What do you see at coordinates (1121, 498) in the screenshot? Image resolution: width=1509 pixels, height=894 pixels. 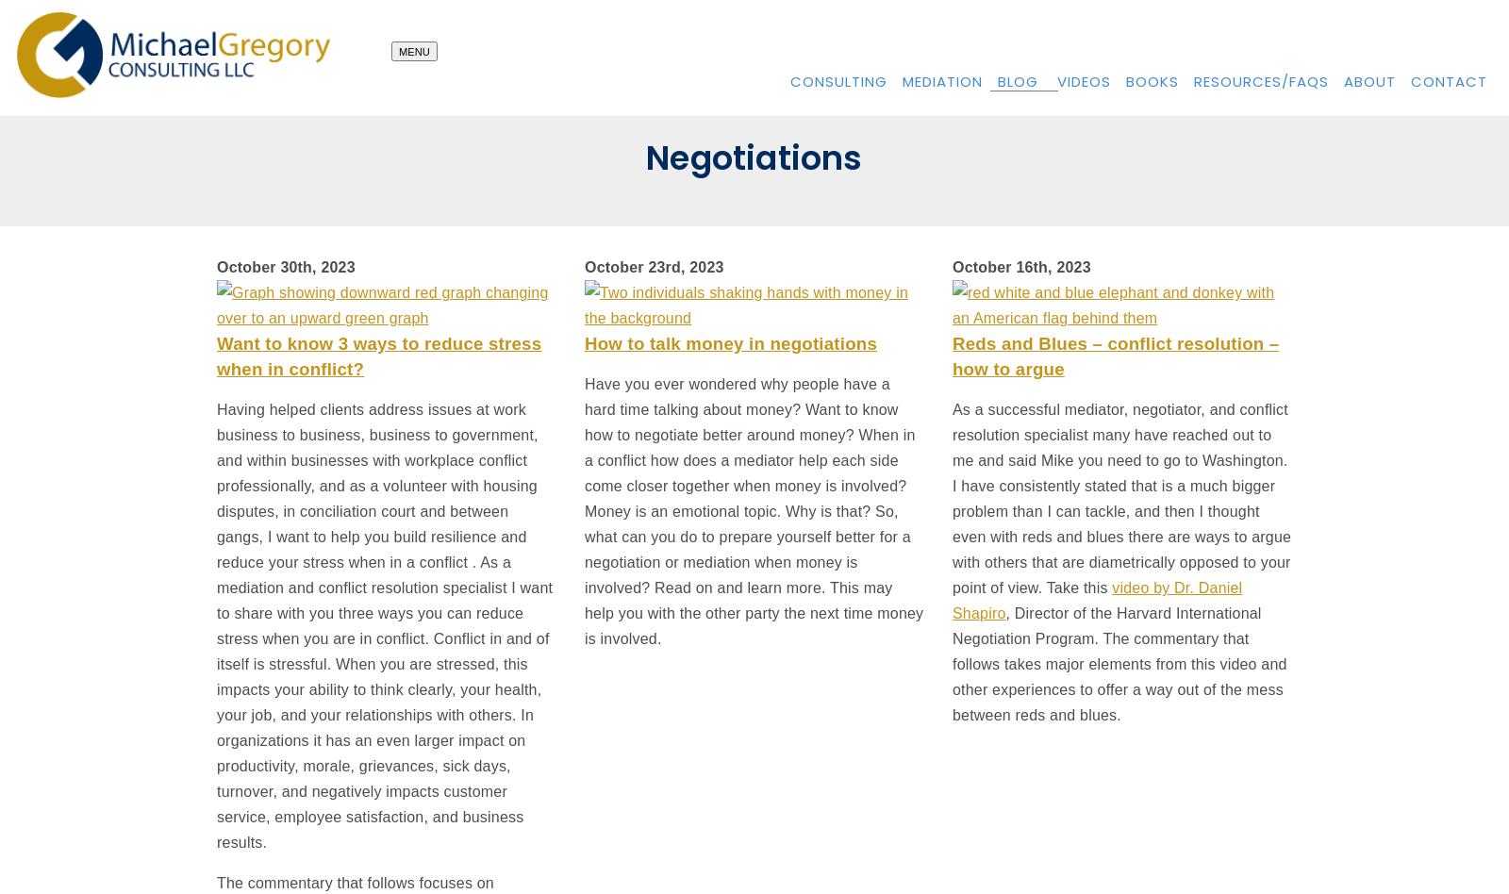 I see `'As a successful mediator, negotiator, and conflict resolution specialist many have reached out to me and said Mike you need to go to Washington. I have consistently stated that is a much bigger problem than I can tackle, and then I thought even with reds and blues there are ways to argue with others that are diametrically opposed to your point of view. Take this'` at bounding box center [1121, 498].